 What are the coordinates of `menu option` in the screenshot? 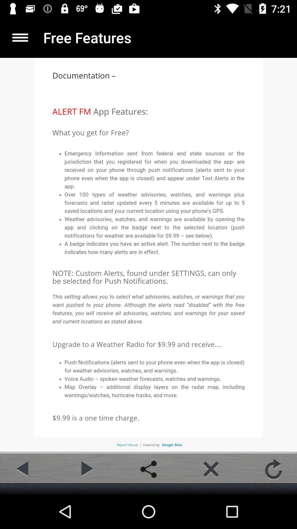 It's located at (20, 37).